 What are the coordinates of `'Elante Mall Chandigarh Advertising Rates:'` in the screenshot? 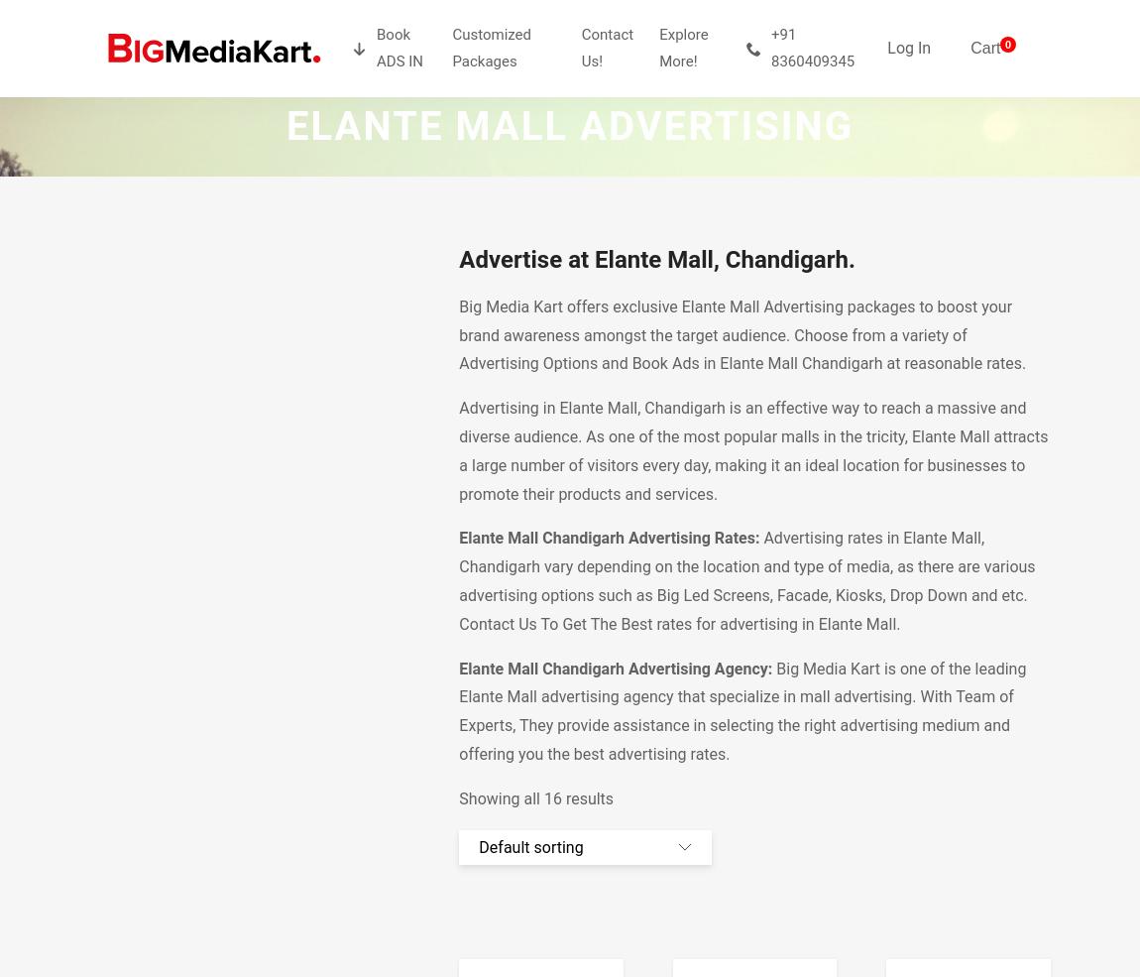 It's located at (608, 538).